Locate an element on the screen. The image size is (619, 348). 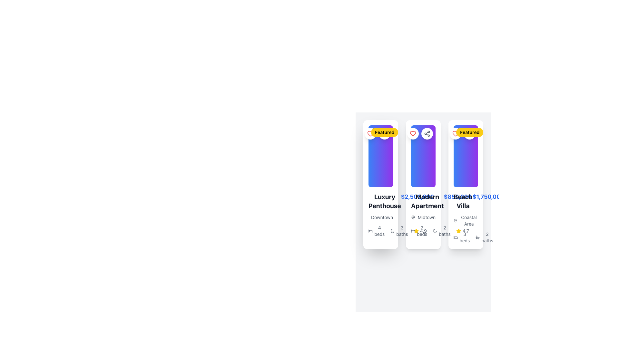
information displayed in the text element showing '4 beds' with an adjacent bed icon, located within the 'Luxury Penthouse' property card is located at coordinates (380, 231).